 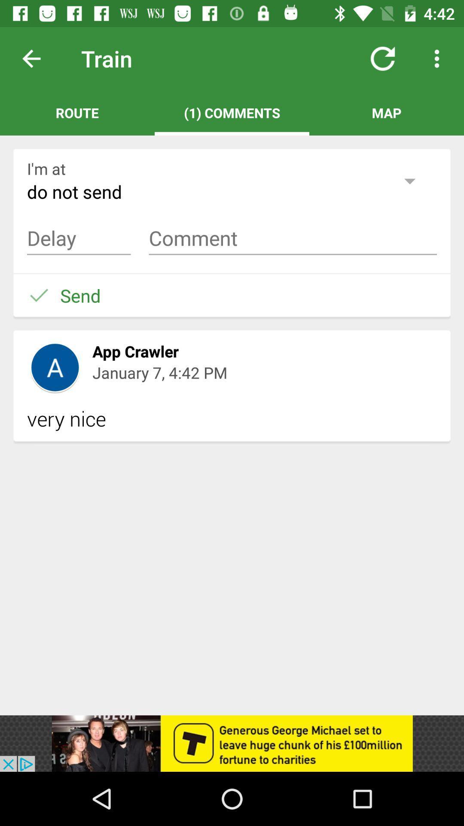 What do you see at coordinates (79, 238) in the screenshot?
I see `delay the report of texting` at bounding box center [79, 238].